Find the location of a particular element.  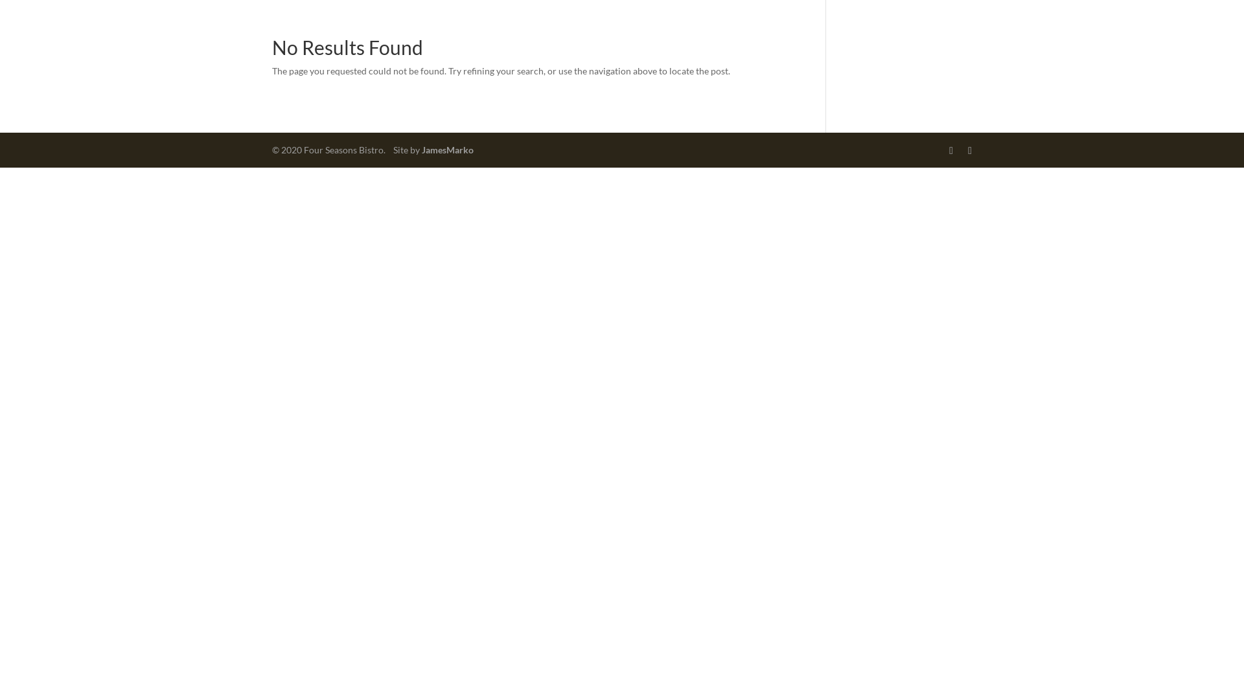

'JamesMarko' is located at coordinates (448, 149).